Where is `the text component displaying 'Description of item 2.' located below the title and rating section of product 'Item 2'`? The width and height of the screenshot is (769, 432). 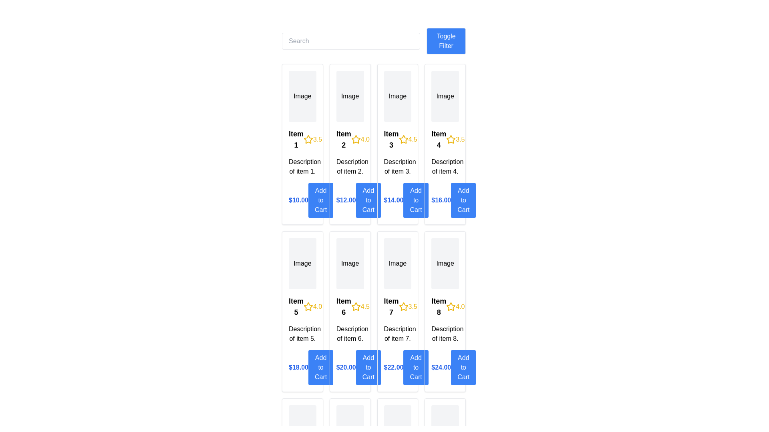
the text component displaying 'Description of item 2.' located below the title and rating section of product 'Item 2' is located at coordinates (350, 166).